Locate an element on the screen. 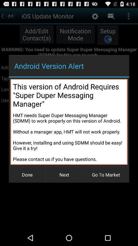  the go to market item is located at coordinates (106, 175).